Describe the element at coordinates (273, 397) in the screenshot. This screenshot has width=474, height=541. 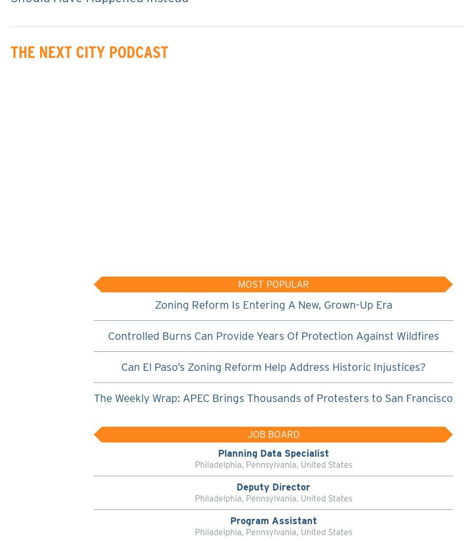
I see `'The Weekly Wrap: APEC Brings Thousands of Protesters to San Francisco'` at that location.